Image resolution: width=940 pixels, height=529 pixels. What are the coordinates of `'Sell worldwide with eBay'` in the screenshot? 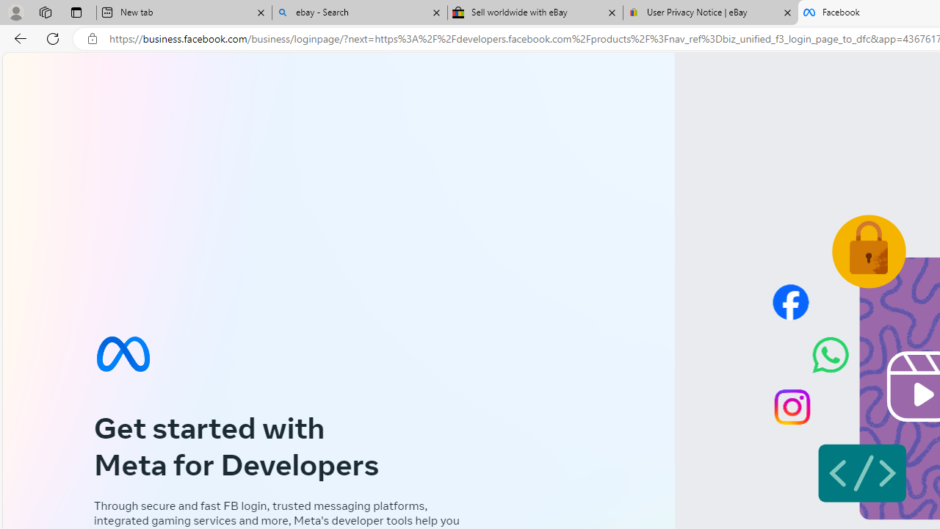 It's located at (535, 12).